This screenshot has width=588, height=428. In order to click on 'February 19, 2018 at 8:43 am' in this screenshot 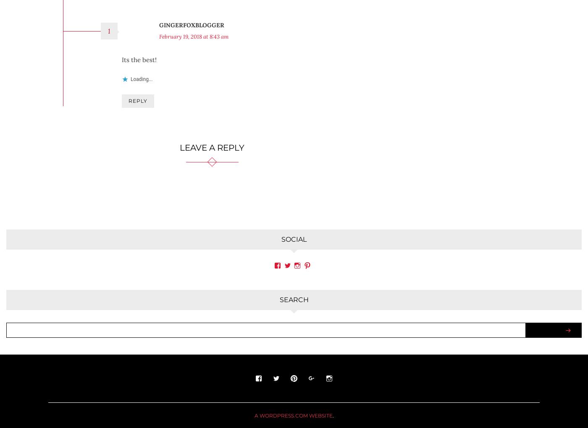, I will do `click(194, 30)`.